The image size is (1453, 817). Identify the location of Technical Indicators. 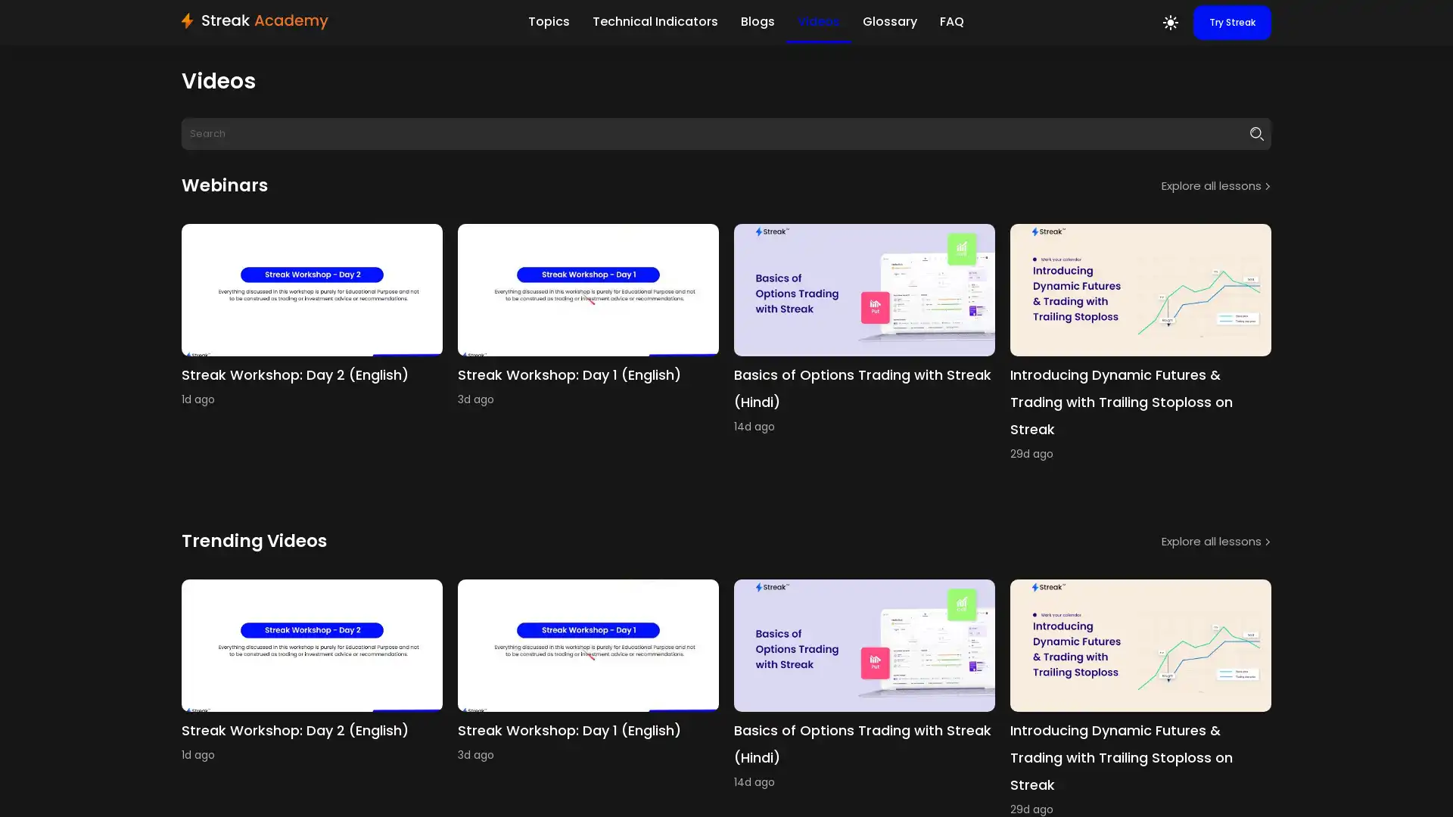
(654, 20).